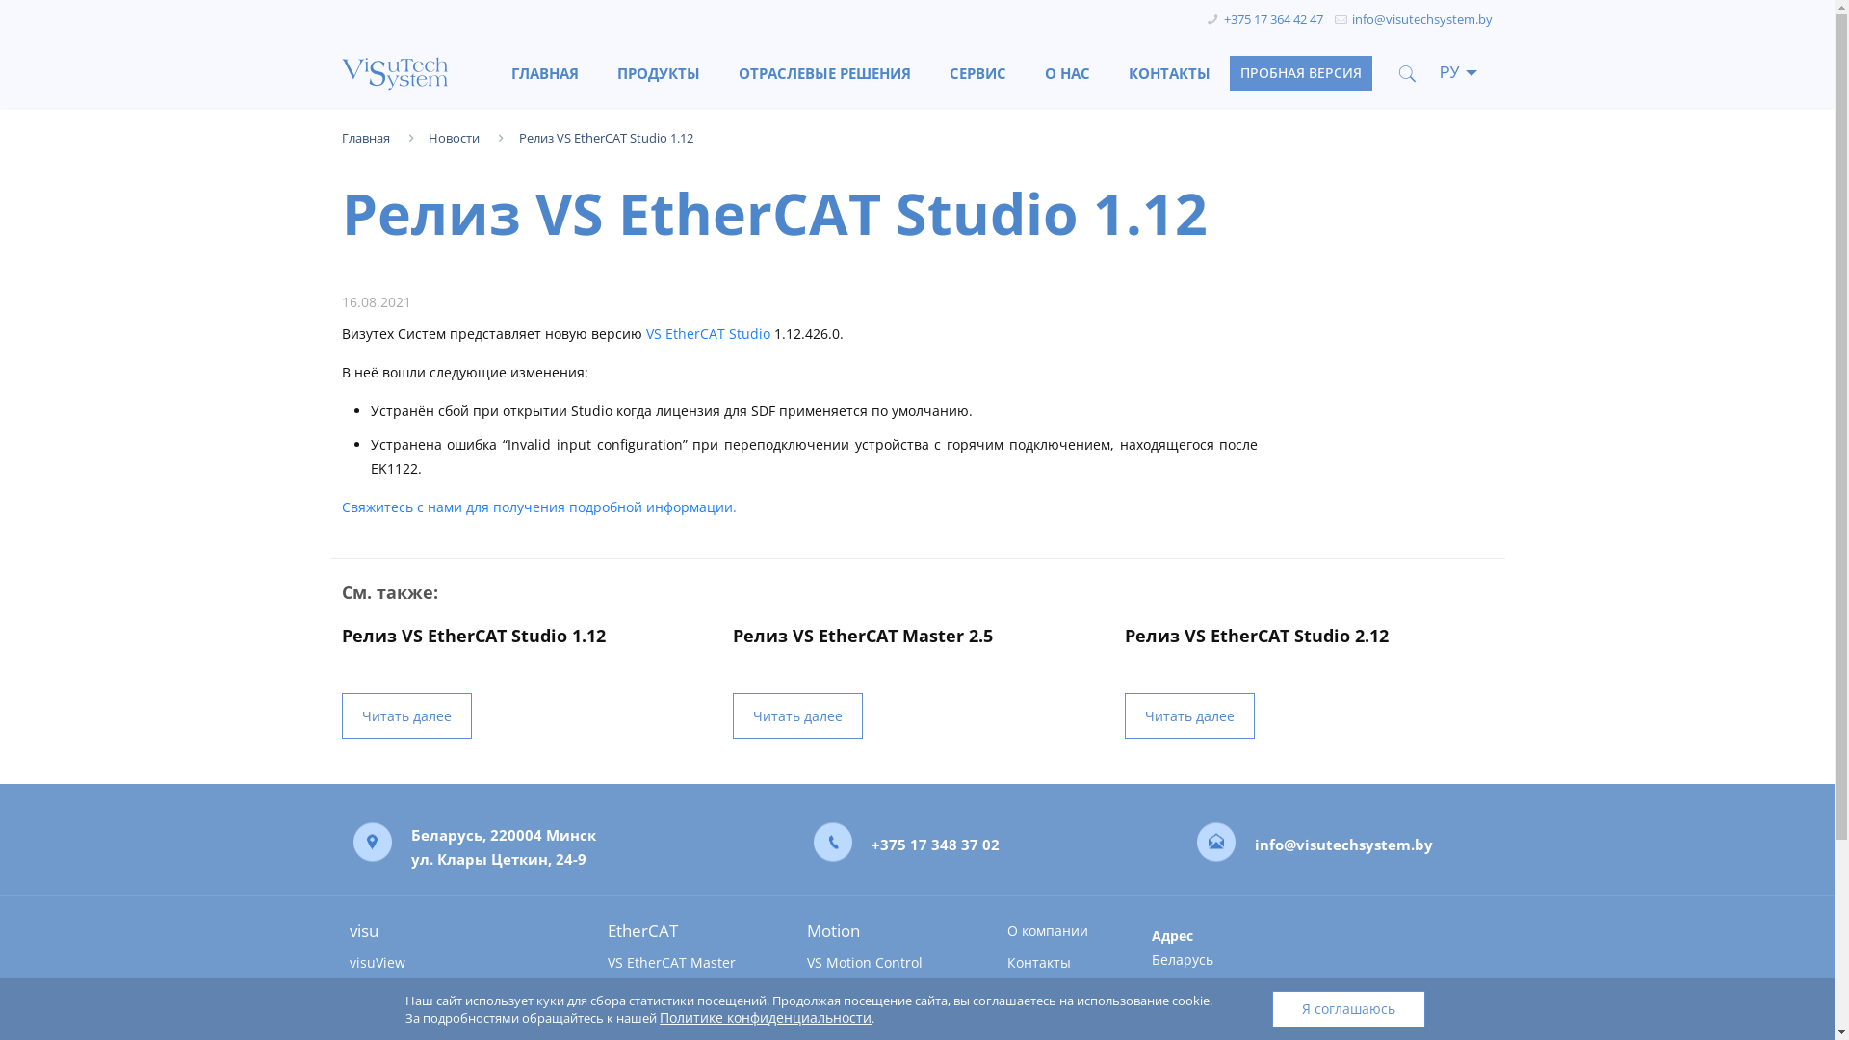 The width and height of the screenshot is (1849, 1040). I want to click on 'visuServer', so click(456, 994).